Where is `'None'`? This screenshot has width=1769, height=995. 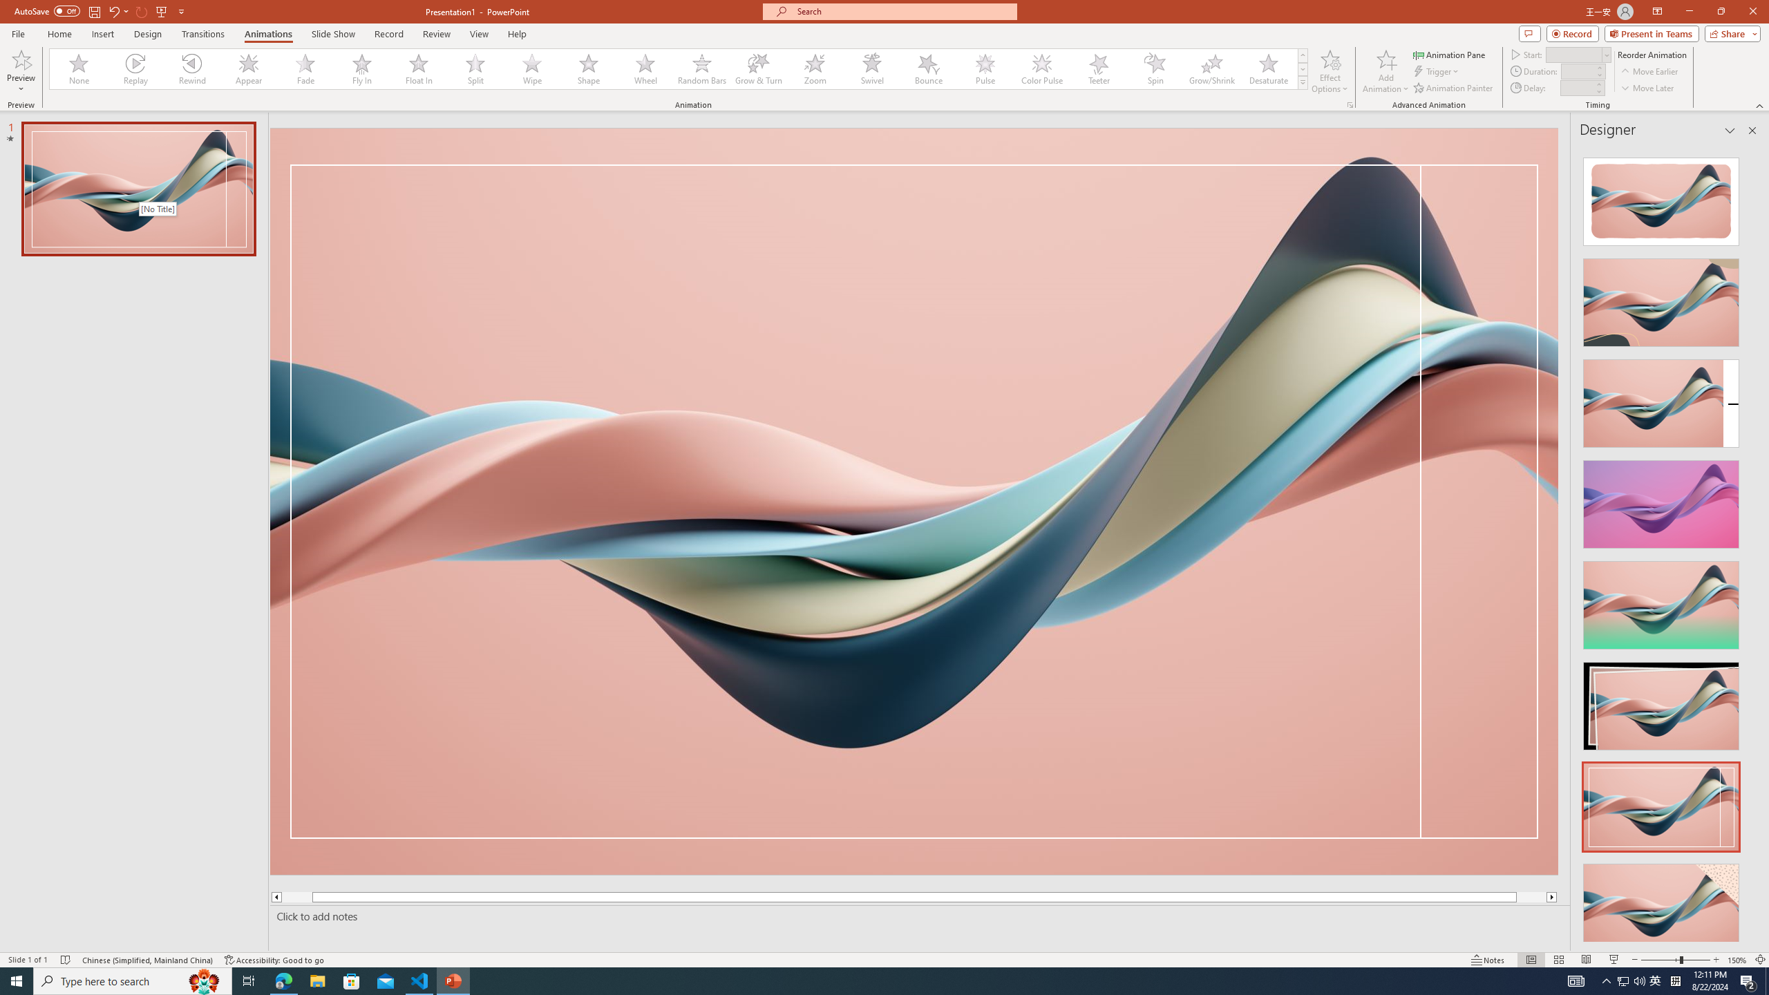 'None' is located at coordinates (79, 68).